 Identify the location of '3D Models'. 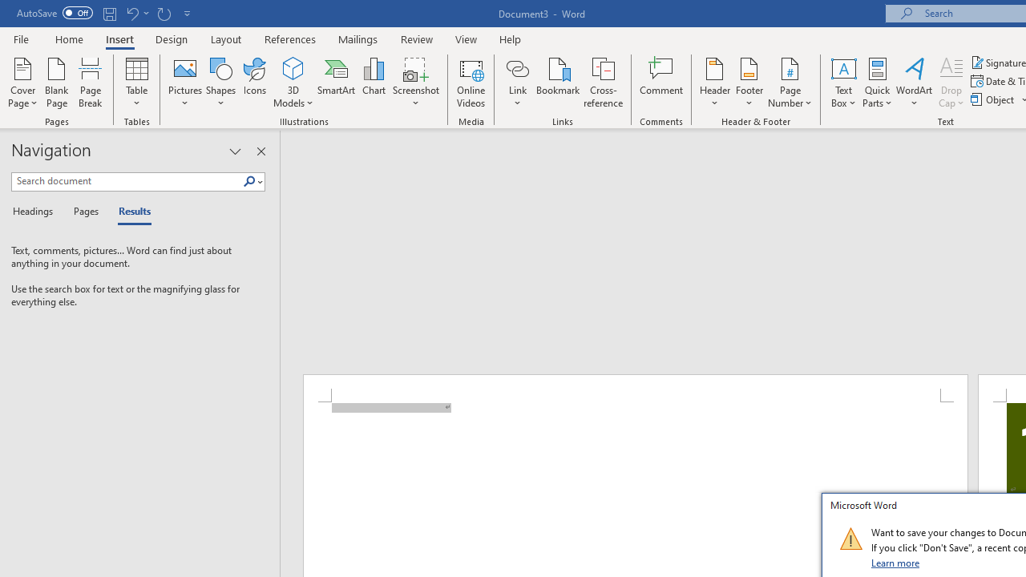
(293, 67).